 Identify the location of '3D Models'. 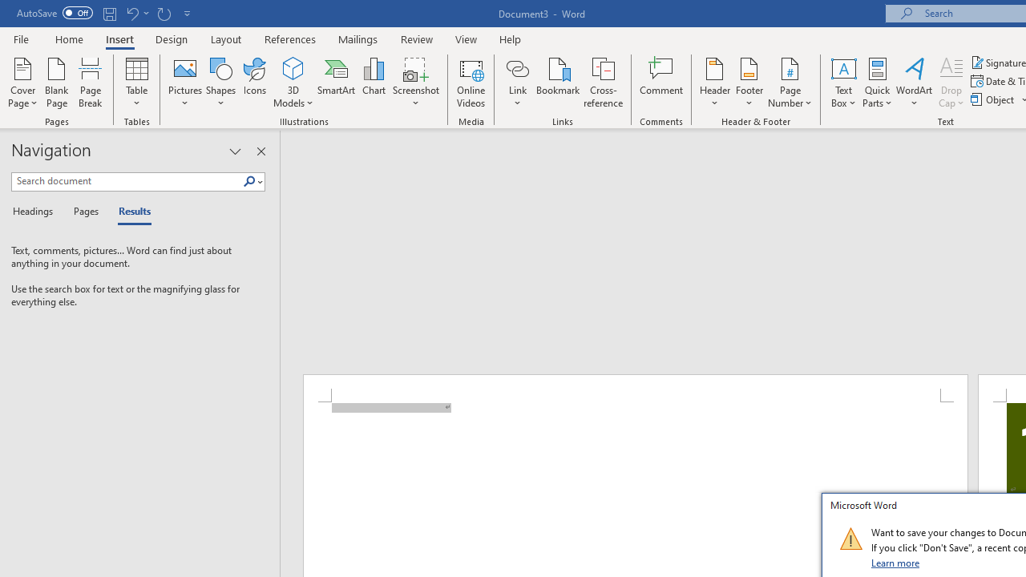
(293, 67).